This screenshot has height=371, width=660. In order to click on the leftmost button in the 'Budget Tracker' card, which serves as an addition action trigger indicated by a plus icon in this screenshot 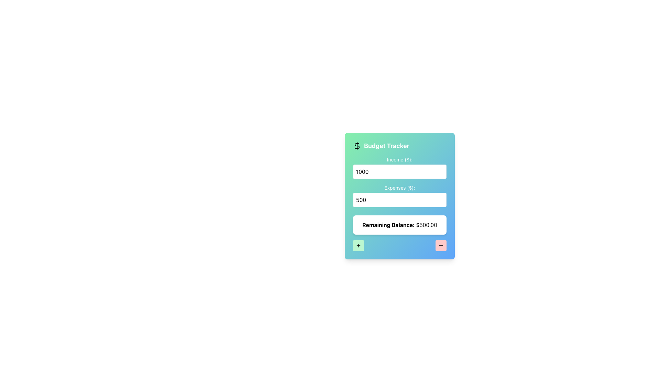, I will do `click(358, 245)`.